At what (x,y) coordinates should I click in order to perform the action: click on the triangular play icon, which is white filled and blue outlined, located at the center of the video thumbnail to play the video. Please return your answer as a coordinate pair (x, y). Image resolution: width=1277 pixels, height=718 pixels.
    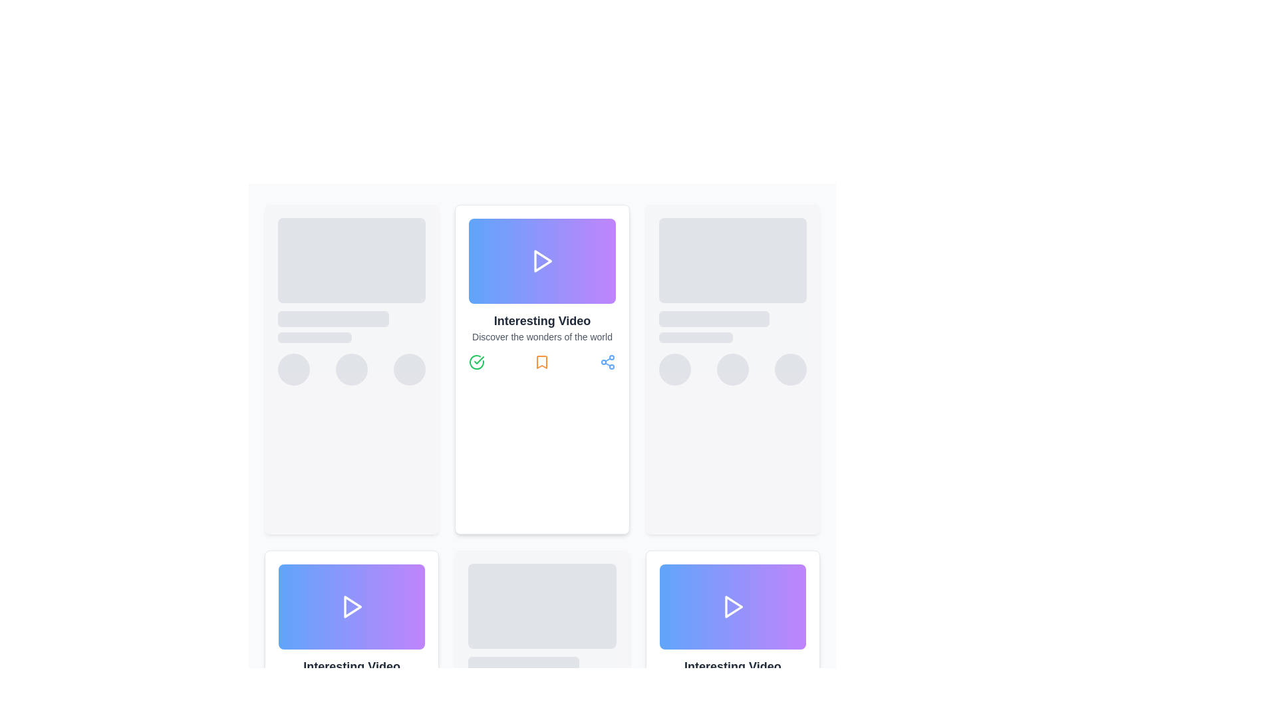
    Looking at the image, I should click on (733, 607).